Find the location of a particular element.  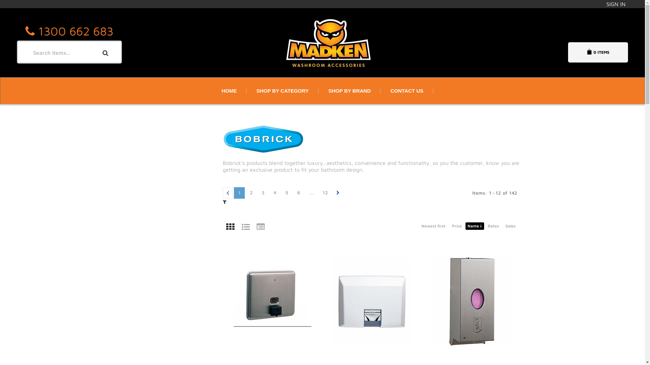

'Name' is located at coordinates (474, 226).